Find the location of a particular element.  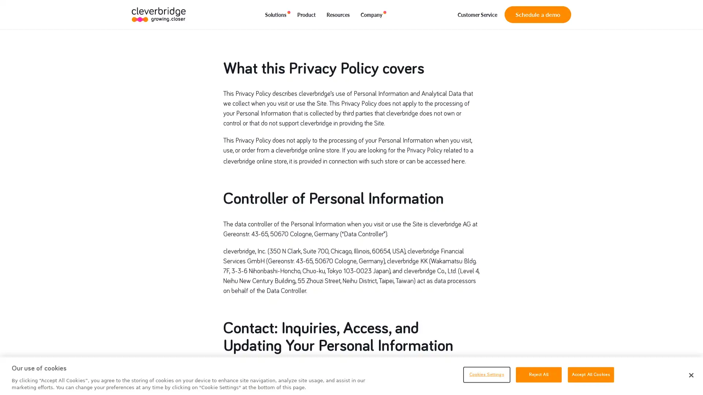

Close is located at coordinates (691, 375).